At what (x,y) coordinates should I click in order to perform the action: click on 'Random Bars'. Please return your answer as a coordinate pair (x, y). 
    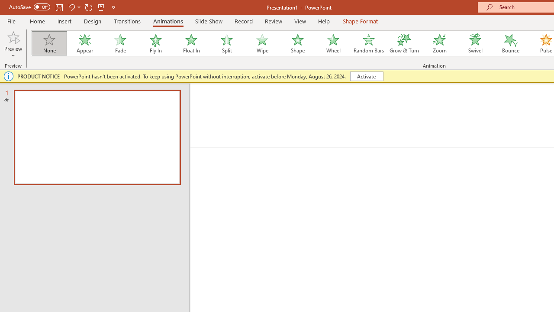
    Looking at the image, I should click on (369, 43).